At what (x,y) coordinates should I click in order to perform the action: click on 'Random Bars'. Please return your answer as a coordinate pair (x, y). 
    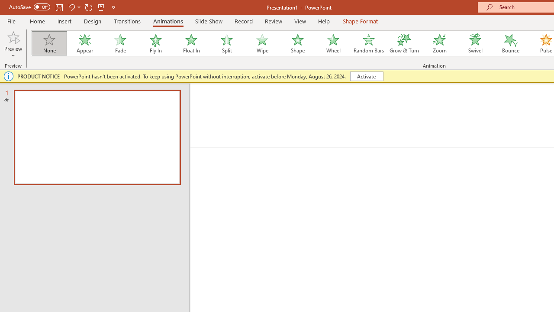
    Looking at the image, I should click on (369, 43).